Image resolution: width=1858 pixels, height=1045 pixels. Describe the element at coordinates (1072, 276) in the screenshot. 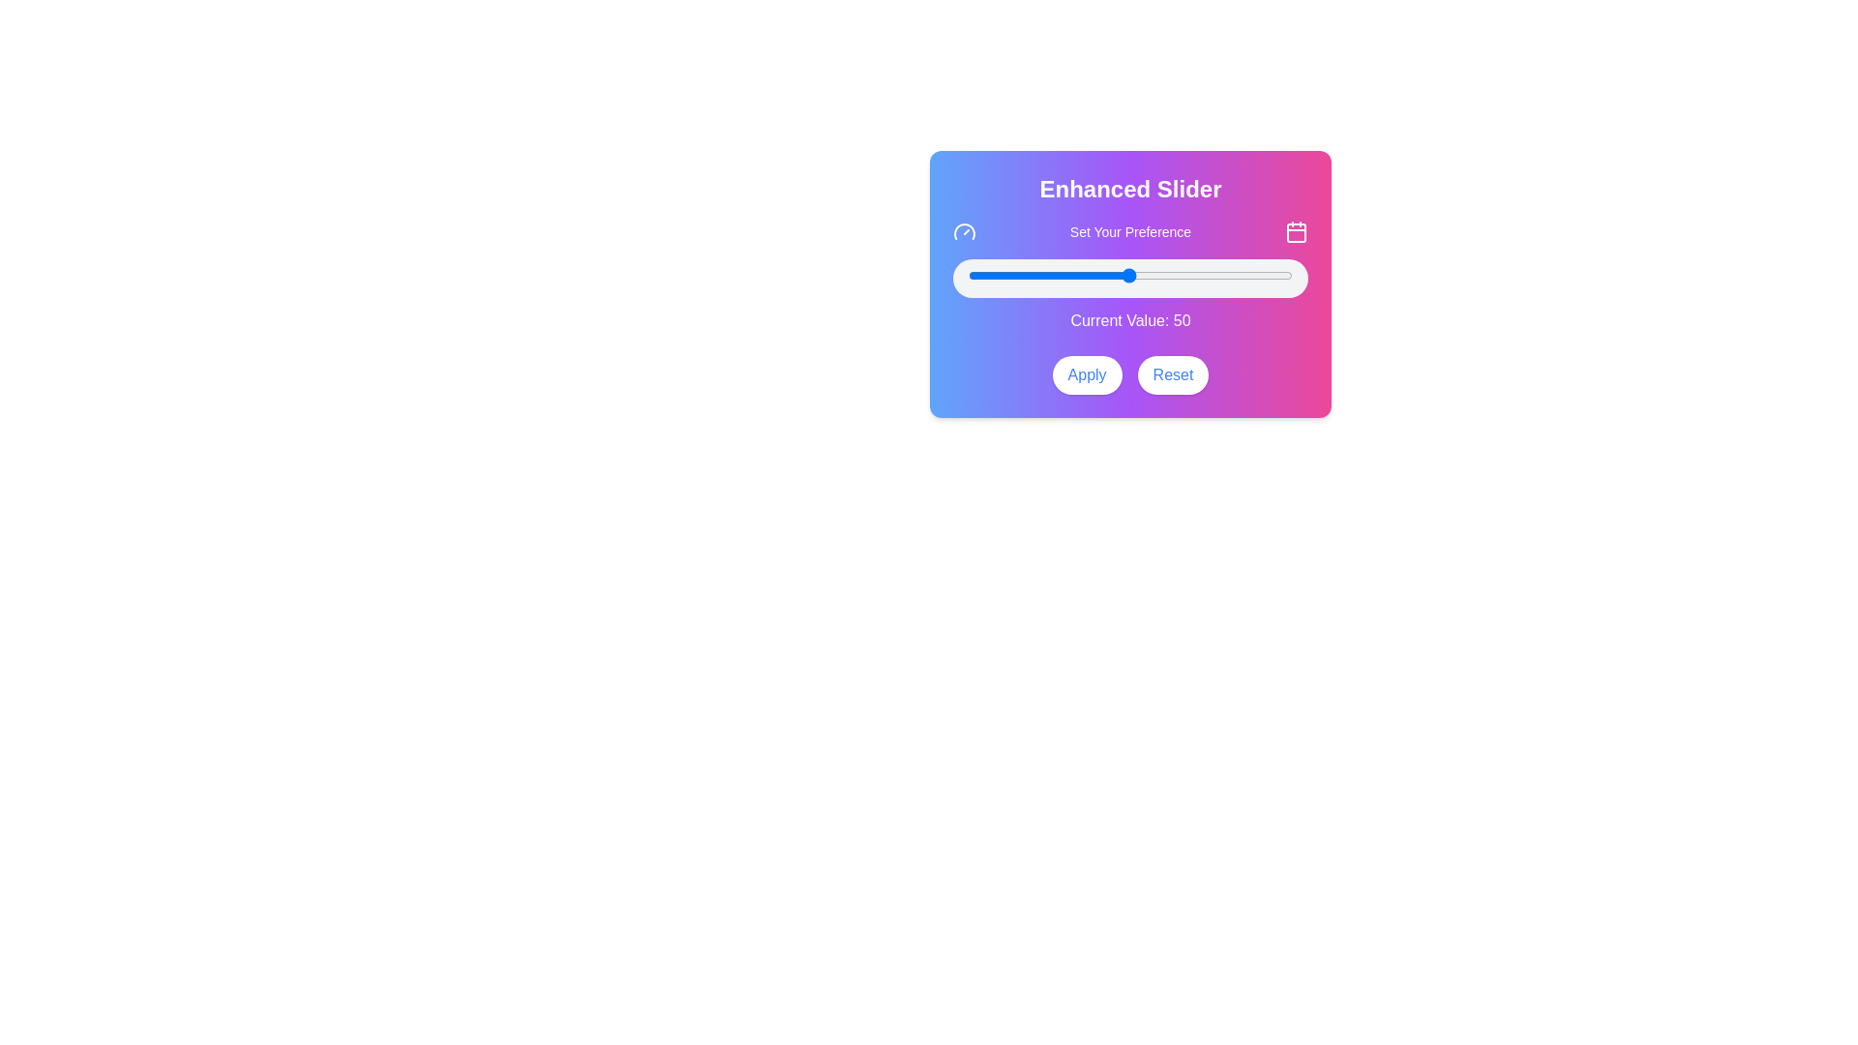

I see `the slider` at that location.